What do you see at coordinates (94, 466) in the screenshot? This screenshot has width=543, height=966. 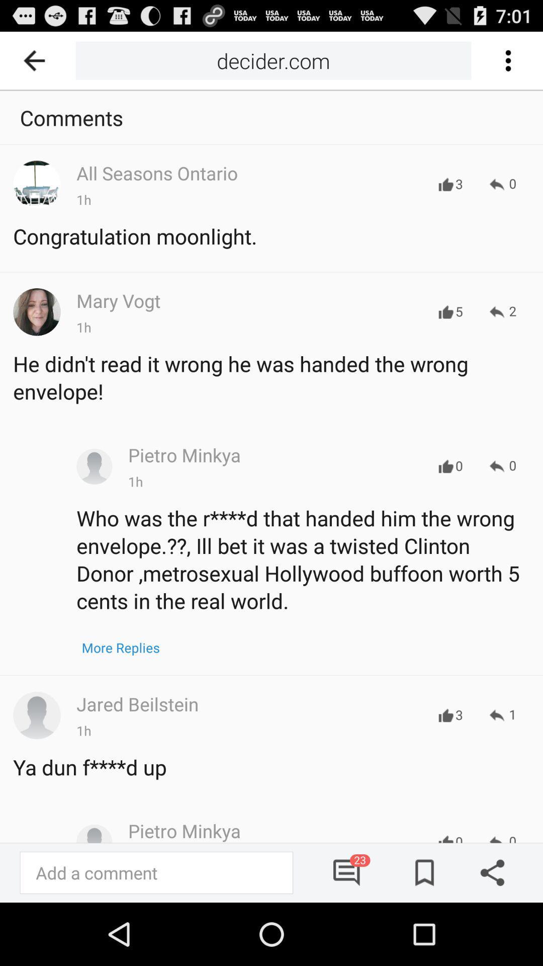 I see `profile` at bounding box center [94, 466].